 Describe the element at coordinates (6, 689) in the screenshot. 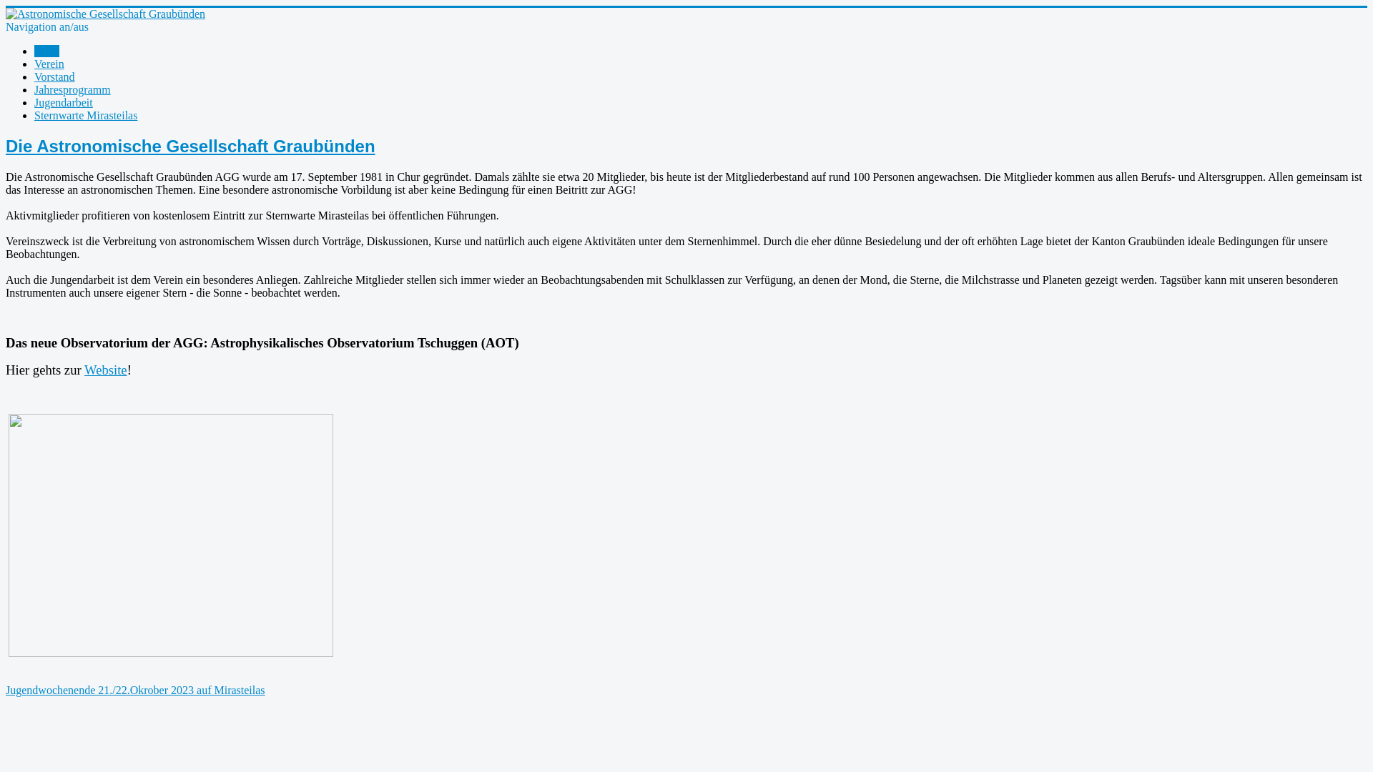

I see `'Jugendwochenende 21./22.Okrober 2023 auf Mirasteilas'` at that location.